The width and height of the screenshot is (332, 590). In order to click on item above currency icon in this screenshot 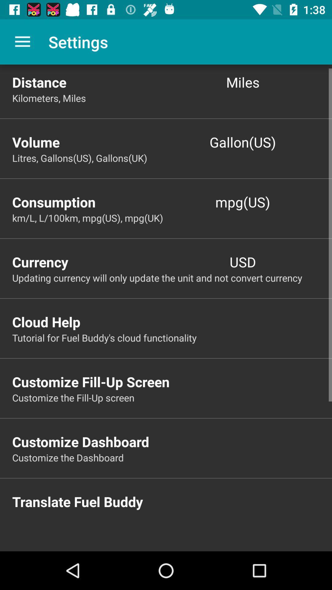, I will do `click(172, 218)`.